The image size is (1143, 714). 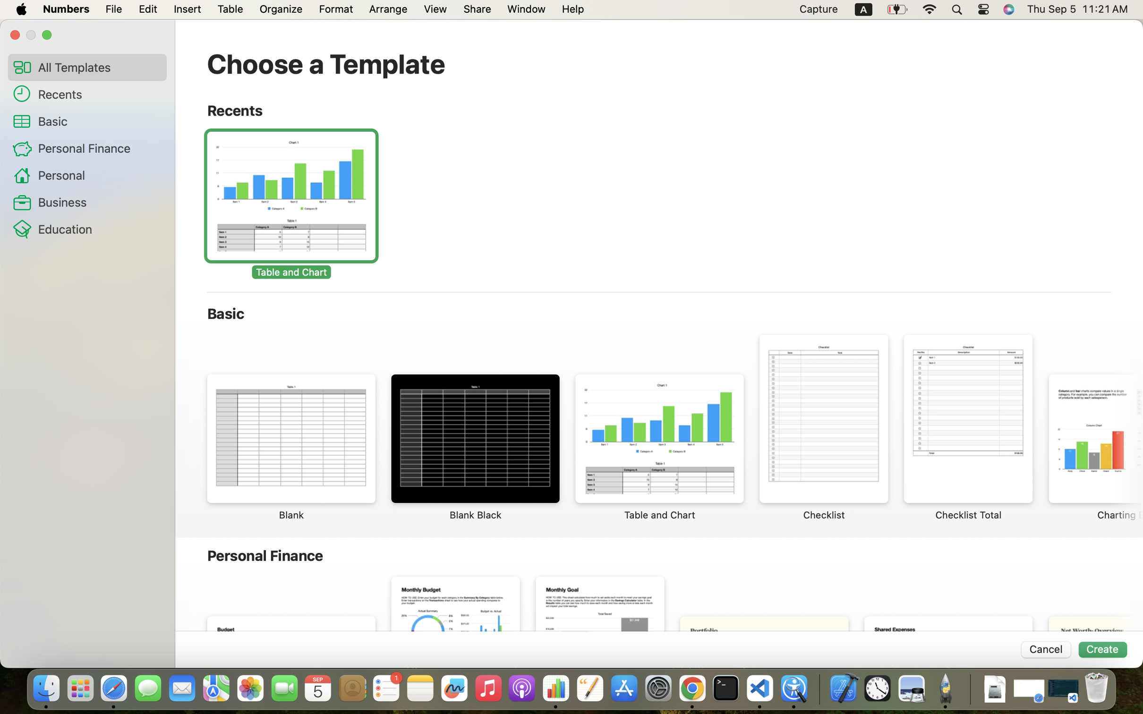 I want to click on 'Personal Finance', so click(x=98, y=147).